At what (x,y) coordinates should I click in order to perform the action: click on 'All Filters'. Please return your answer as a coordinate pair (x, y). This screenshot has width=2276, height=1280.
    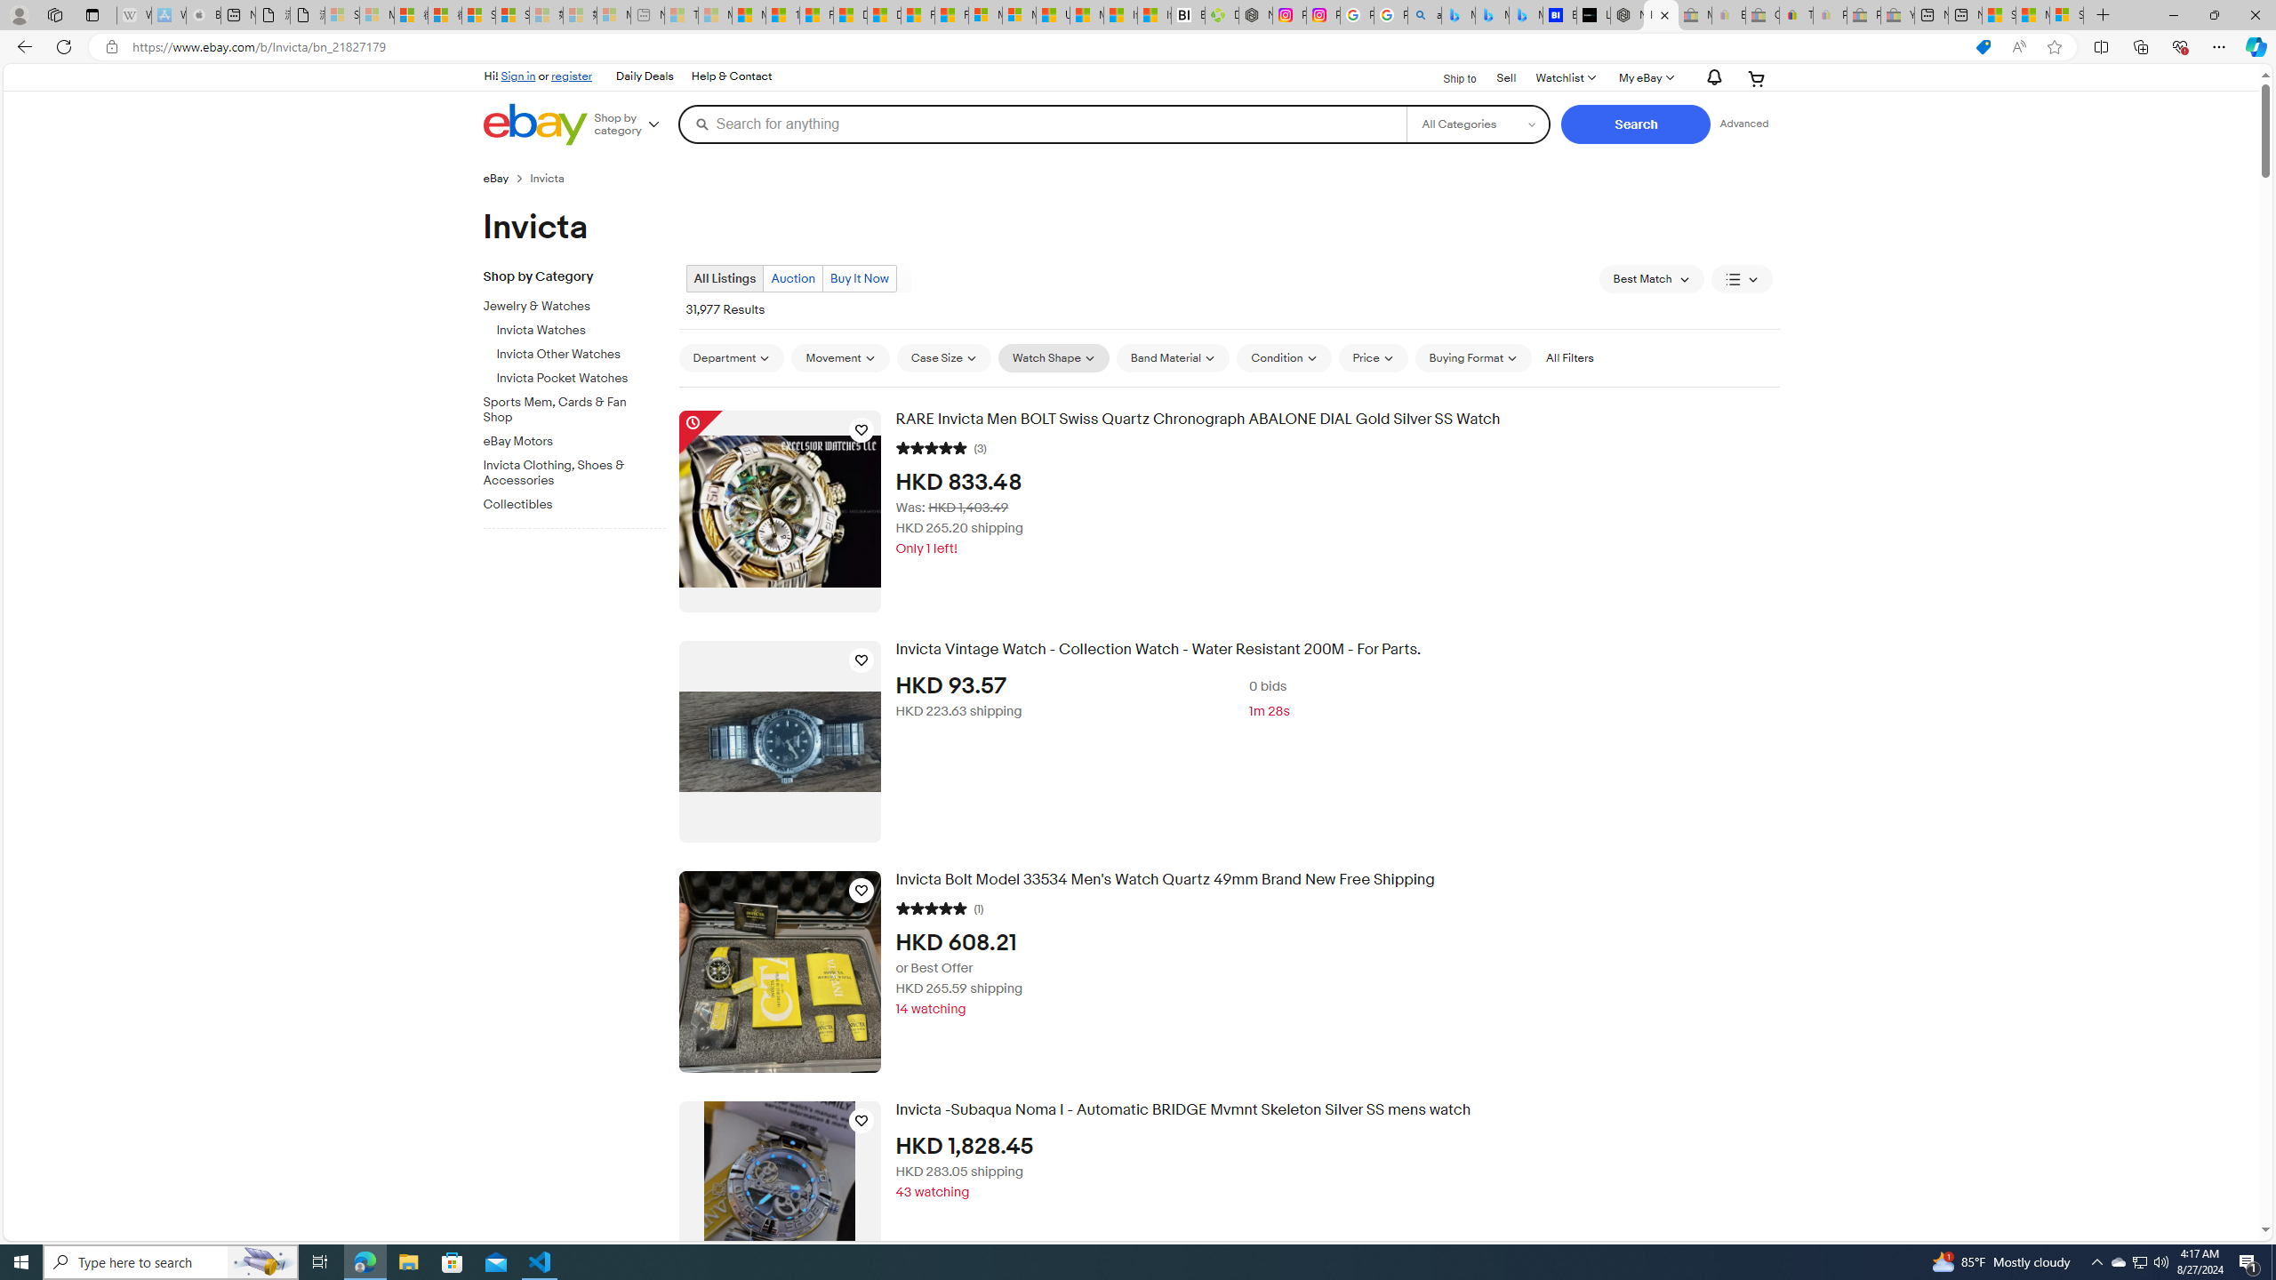
    Looking at the image, I should click on (1569, 357).